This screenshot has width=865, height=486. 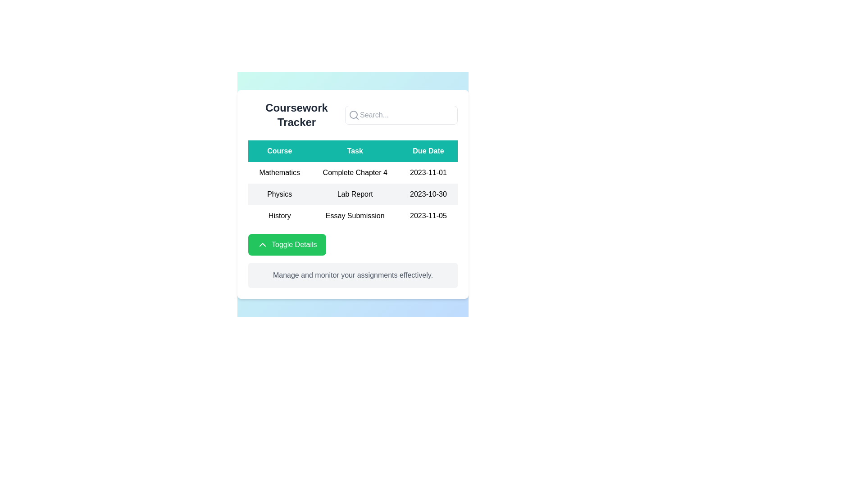 I want to click on the 'Physics' text label in the course column, so click(x=279, y=194).